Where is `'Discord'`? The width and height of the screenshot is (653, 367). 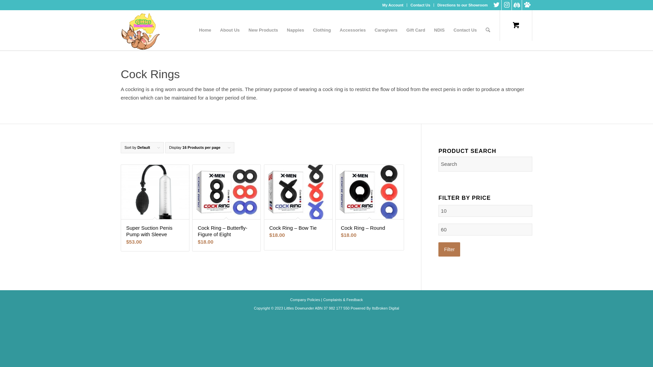 'Discord' is located at coordinates (517, 5).